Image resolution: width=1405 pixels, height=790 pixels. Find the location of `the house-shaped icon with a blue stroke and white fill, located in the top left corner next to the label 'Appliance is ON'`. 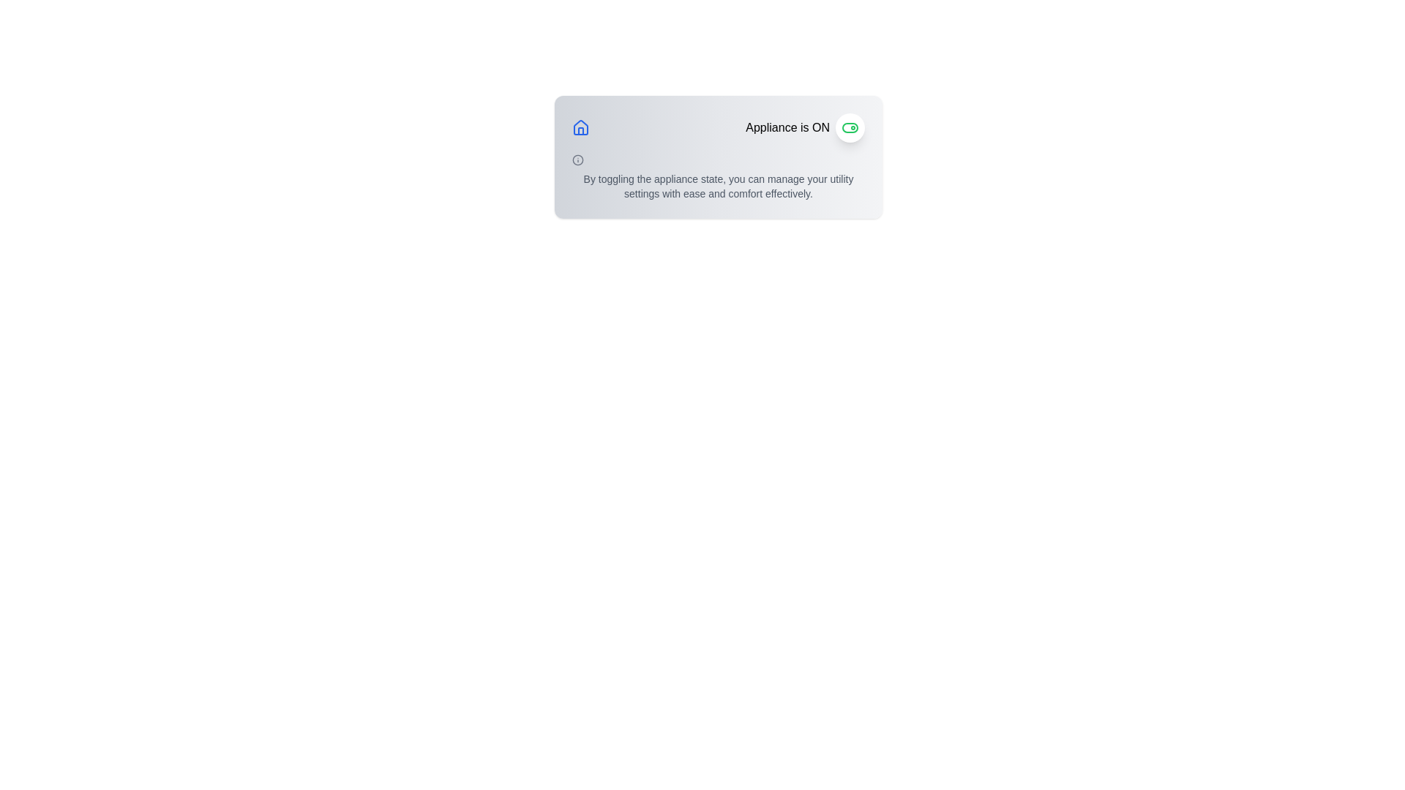

the house-shaped icon with a blue stroke and white fill, located in the top left corner next to the label 'Appliance is ON' is located at coordinates (580, 127).